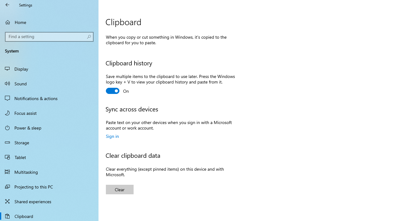 The width and height of the screenshot is (394, 221). I want to click on 'Tablet', so click(49, 157).